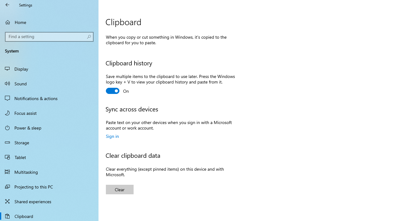 The width and height of the screenshot is (394, 221). I want to click on 'Tablet', so click(49, 157).